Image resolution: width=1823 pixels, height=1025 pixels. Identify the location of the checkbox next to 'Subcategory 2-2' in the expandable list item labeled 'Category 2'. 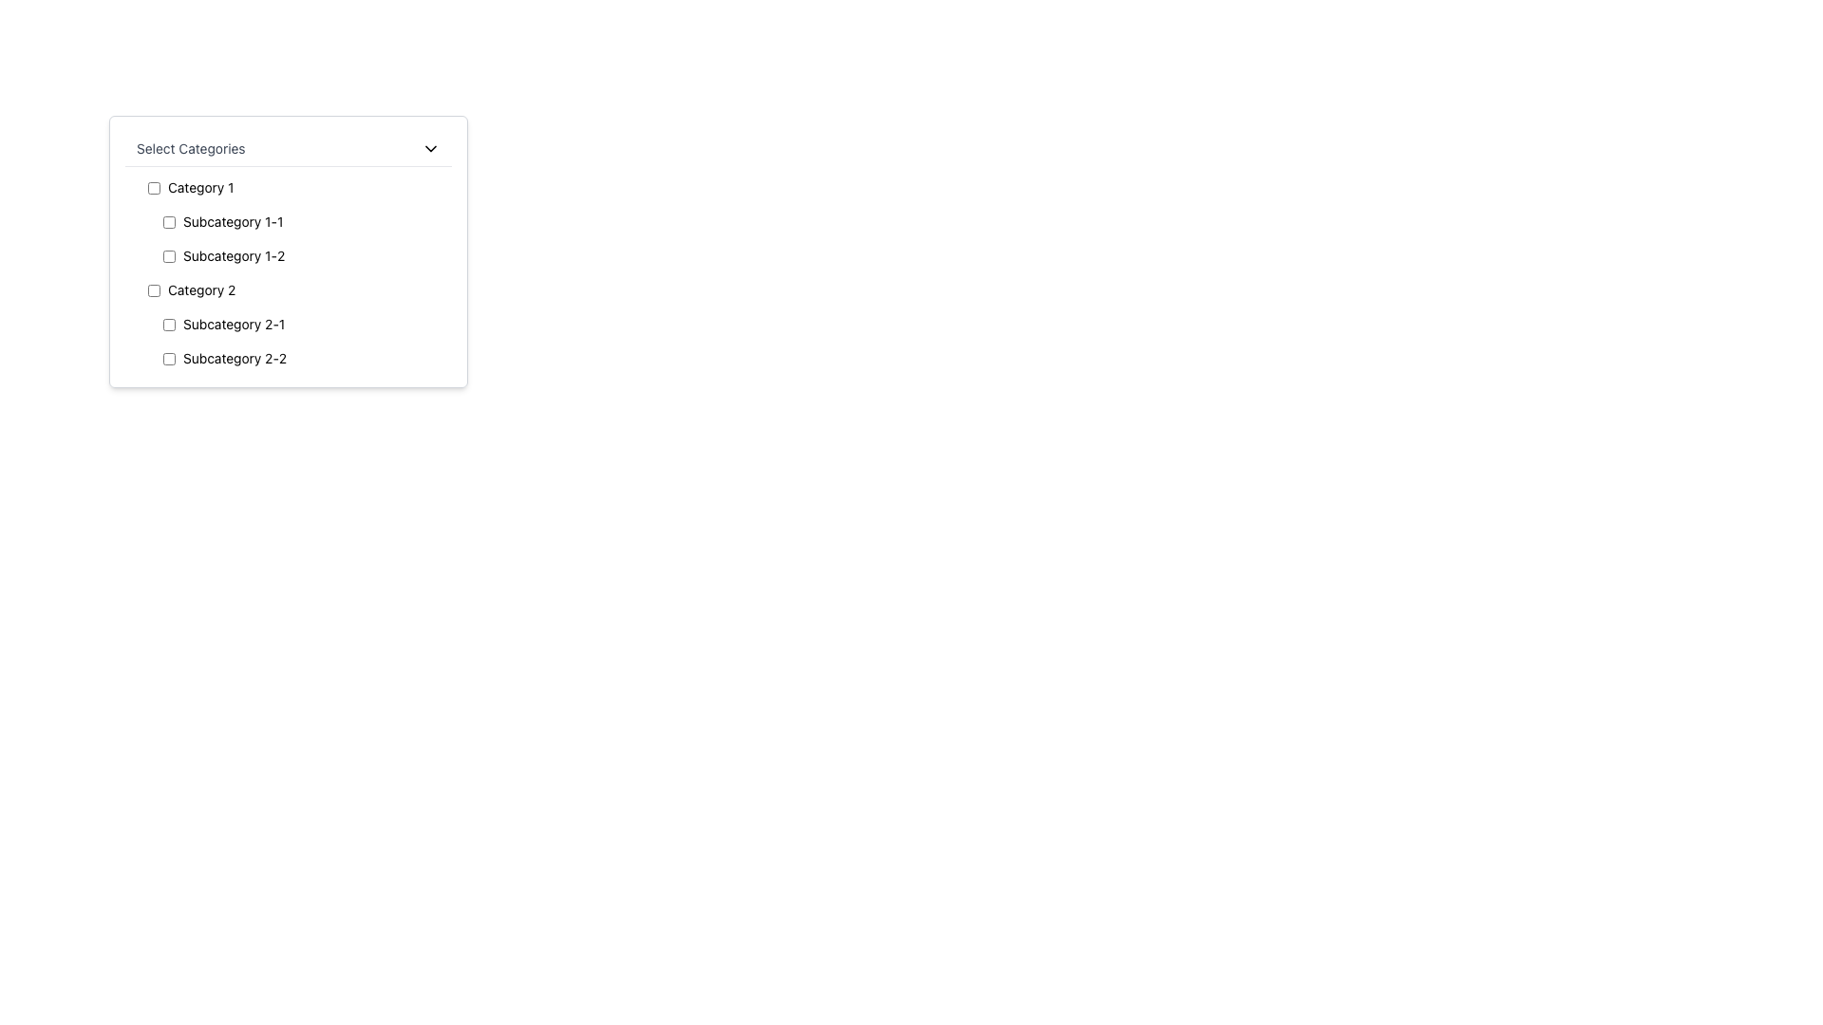
(295, 324).